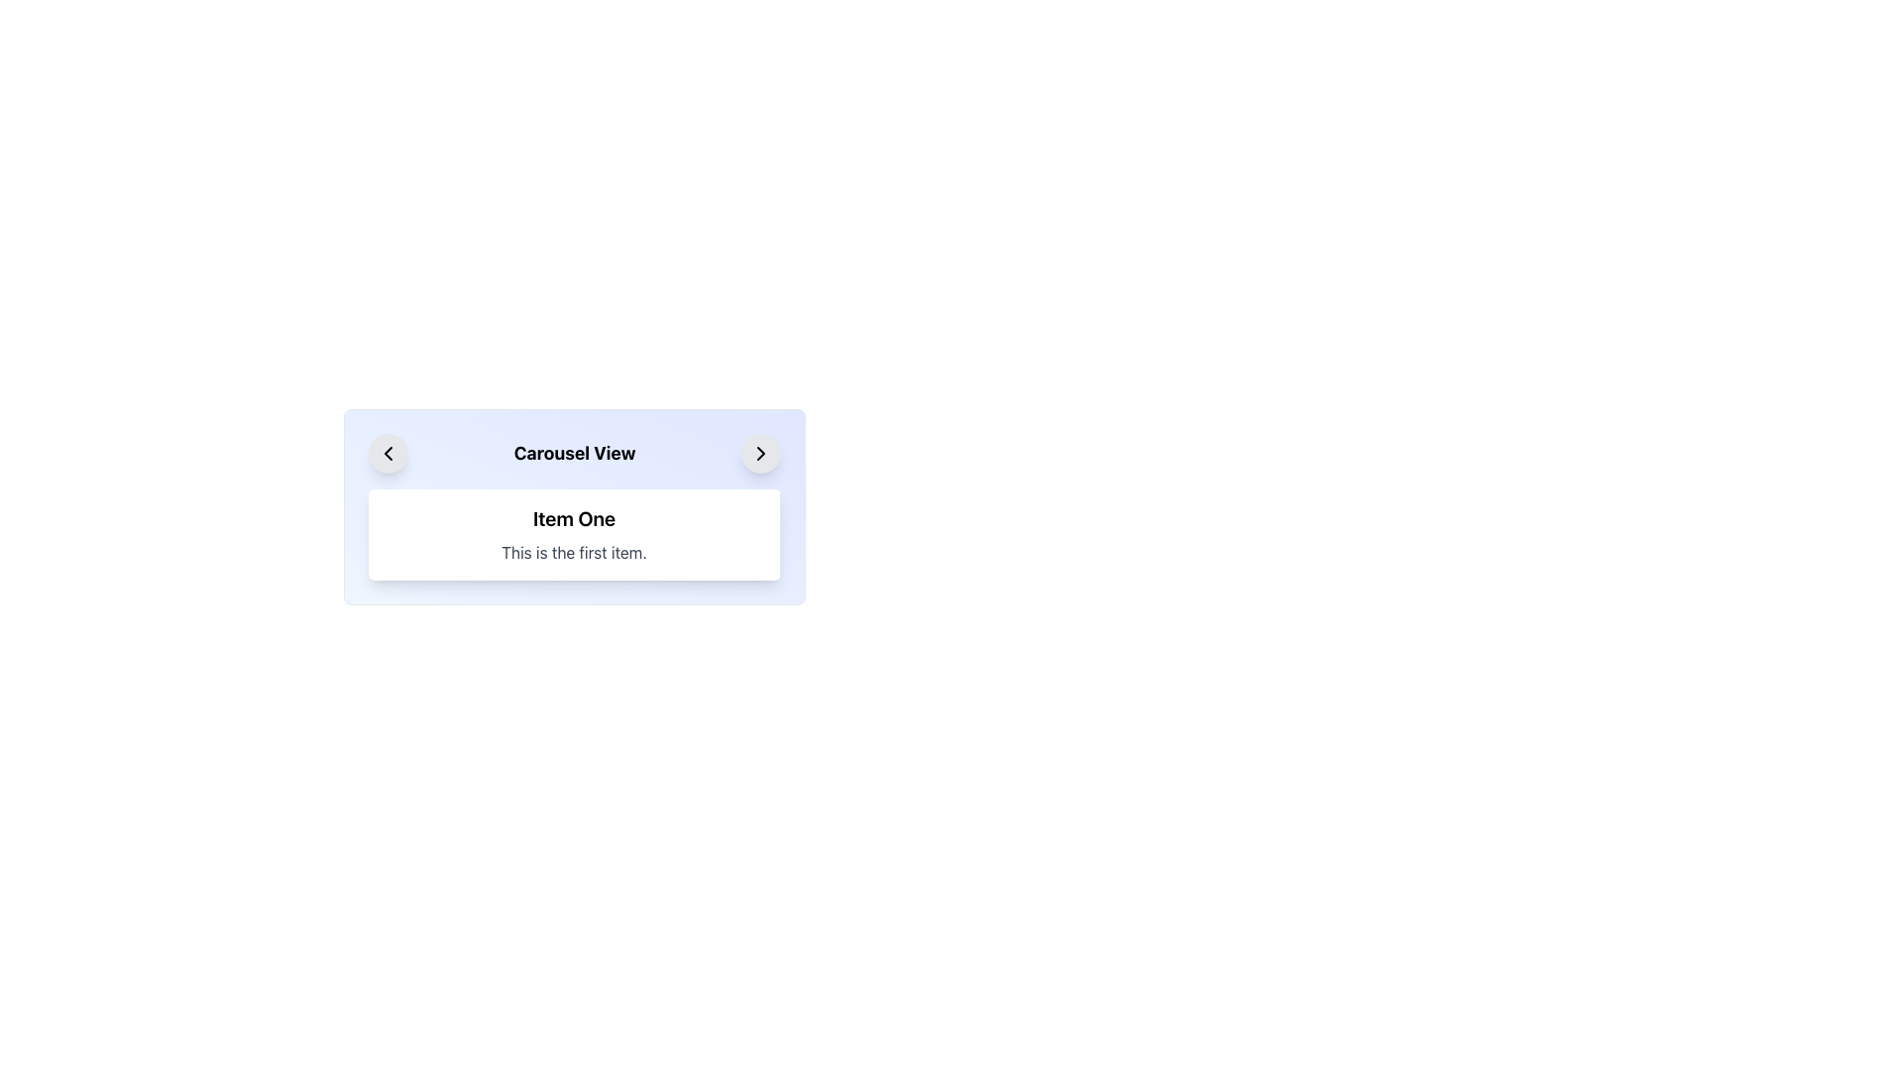  What do you see at coordinates (760, 454) in the screenshot?
I see `the 'Next' button, which is a right-facing arrow icon located at the top-right of the carousel card` at bounding box center [760, 454].